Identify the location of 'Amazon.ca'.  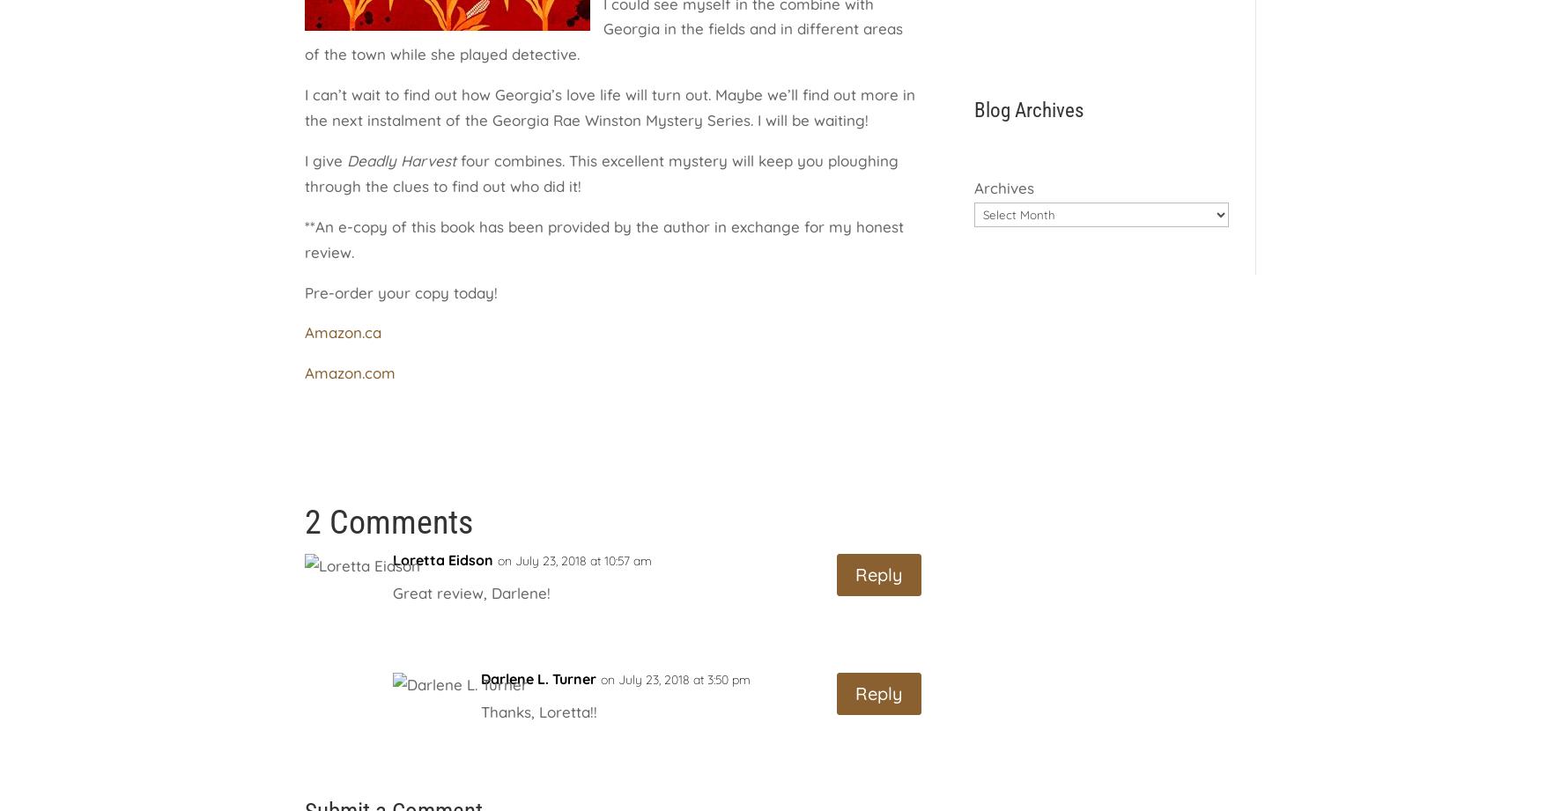
(343, 332).